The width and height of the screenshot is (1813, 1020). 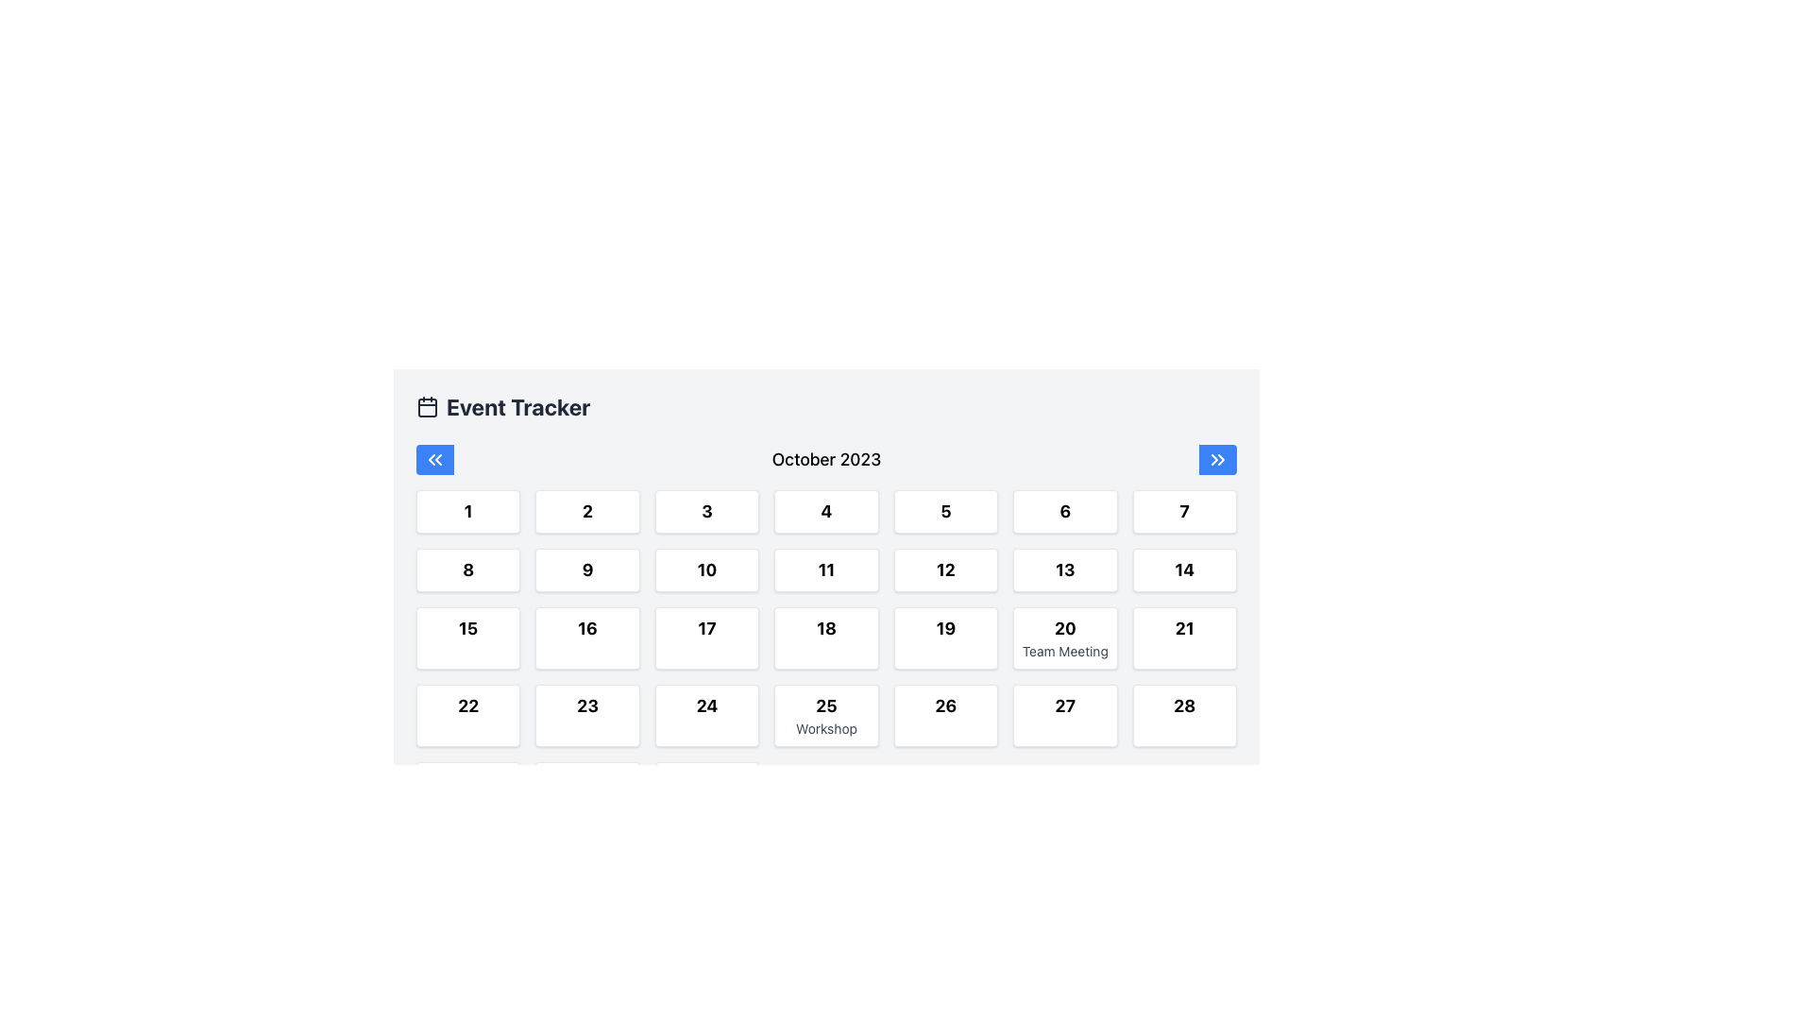 I want to click on the date '1' in the calendar grid within the 'Event Tracker' interface, so click(x=468, y=512).